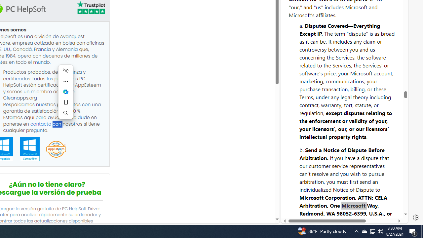 This screenshot has width=423, height=238. What do you see at coordinates (66, 81) in the screenshot?
I see `'More actions'` at bounding box center [66, 81].